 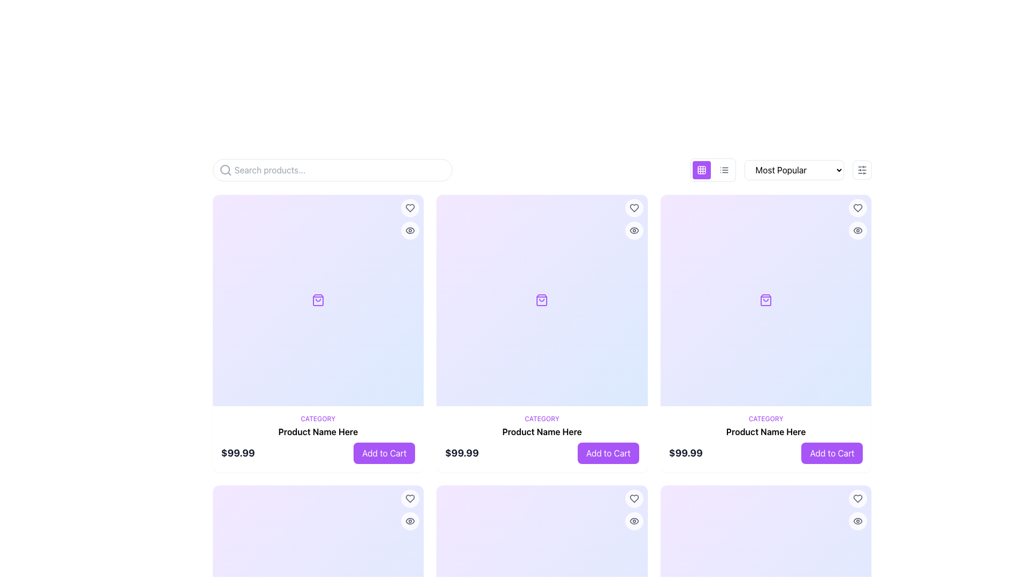 I want to click on the favorite button located in the top right corner of the second item in the second row of the grid layout, so click(x=634, y=498).